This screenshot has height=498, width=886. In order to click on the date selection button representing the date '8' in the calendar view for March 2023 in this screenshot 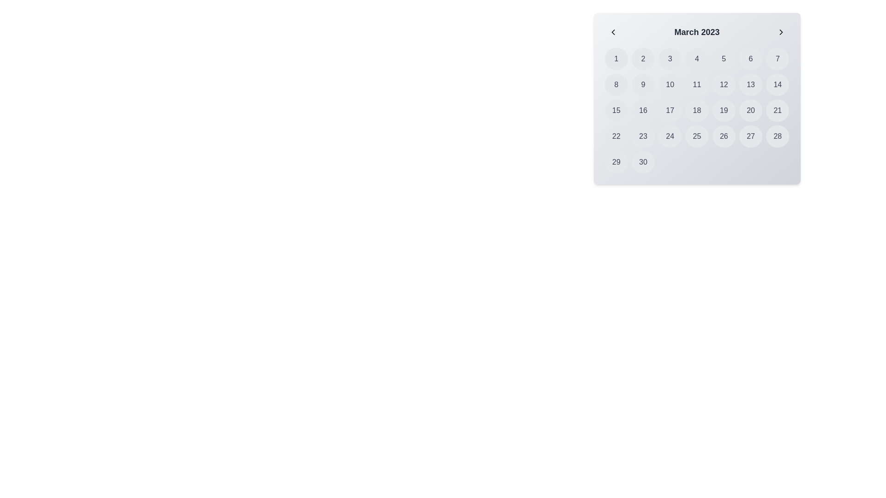, I will do `click(616, 85)`.